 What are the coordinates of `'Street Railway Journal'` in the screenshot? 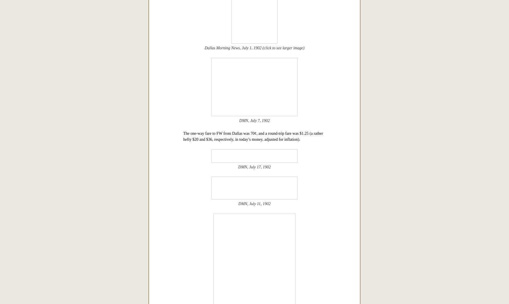 It's located at (243, 96).